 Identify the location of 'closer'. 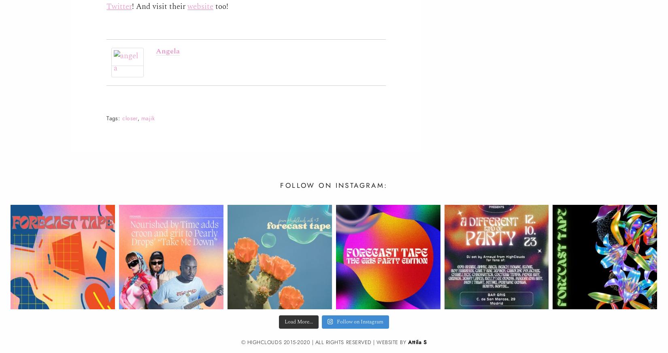
(130, 117).